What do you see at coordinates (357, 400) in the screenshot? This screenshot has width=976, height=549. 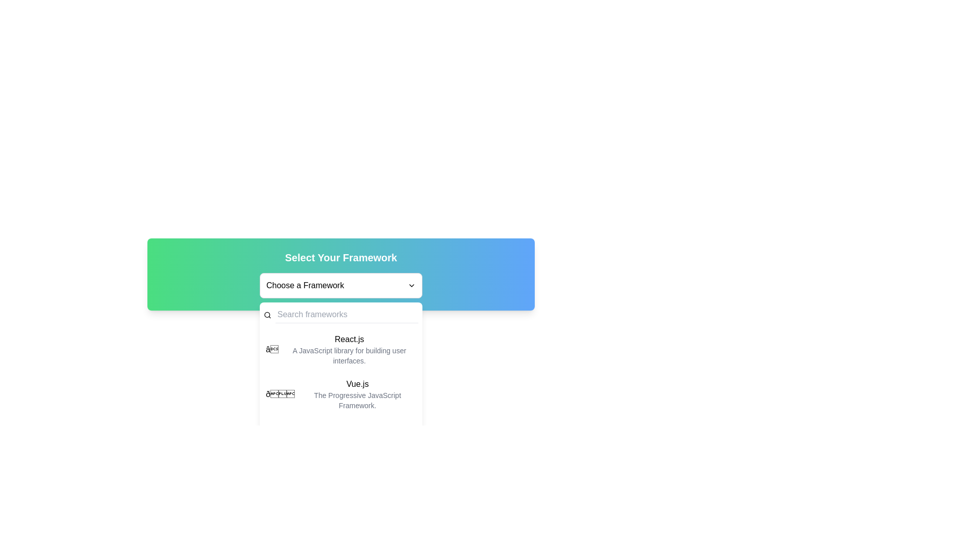 I see `contextual help text label located directly below the 'Vue.js' heading within the framework options dropdown menu` at bounding box center [357, 400].